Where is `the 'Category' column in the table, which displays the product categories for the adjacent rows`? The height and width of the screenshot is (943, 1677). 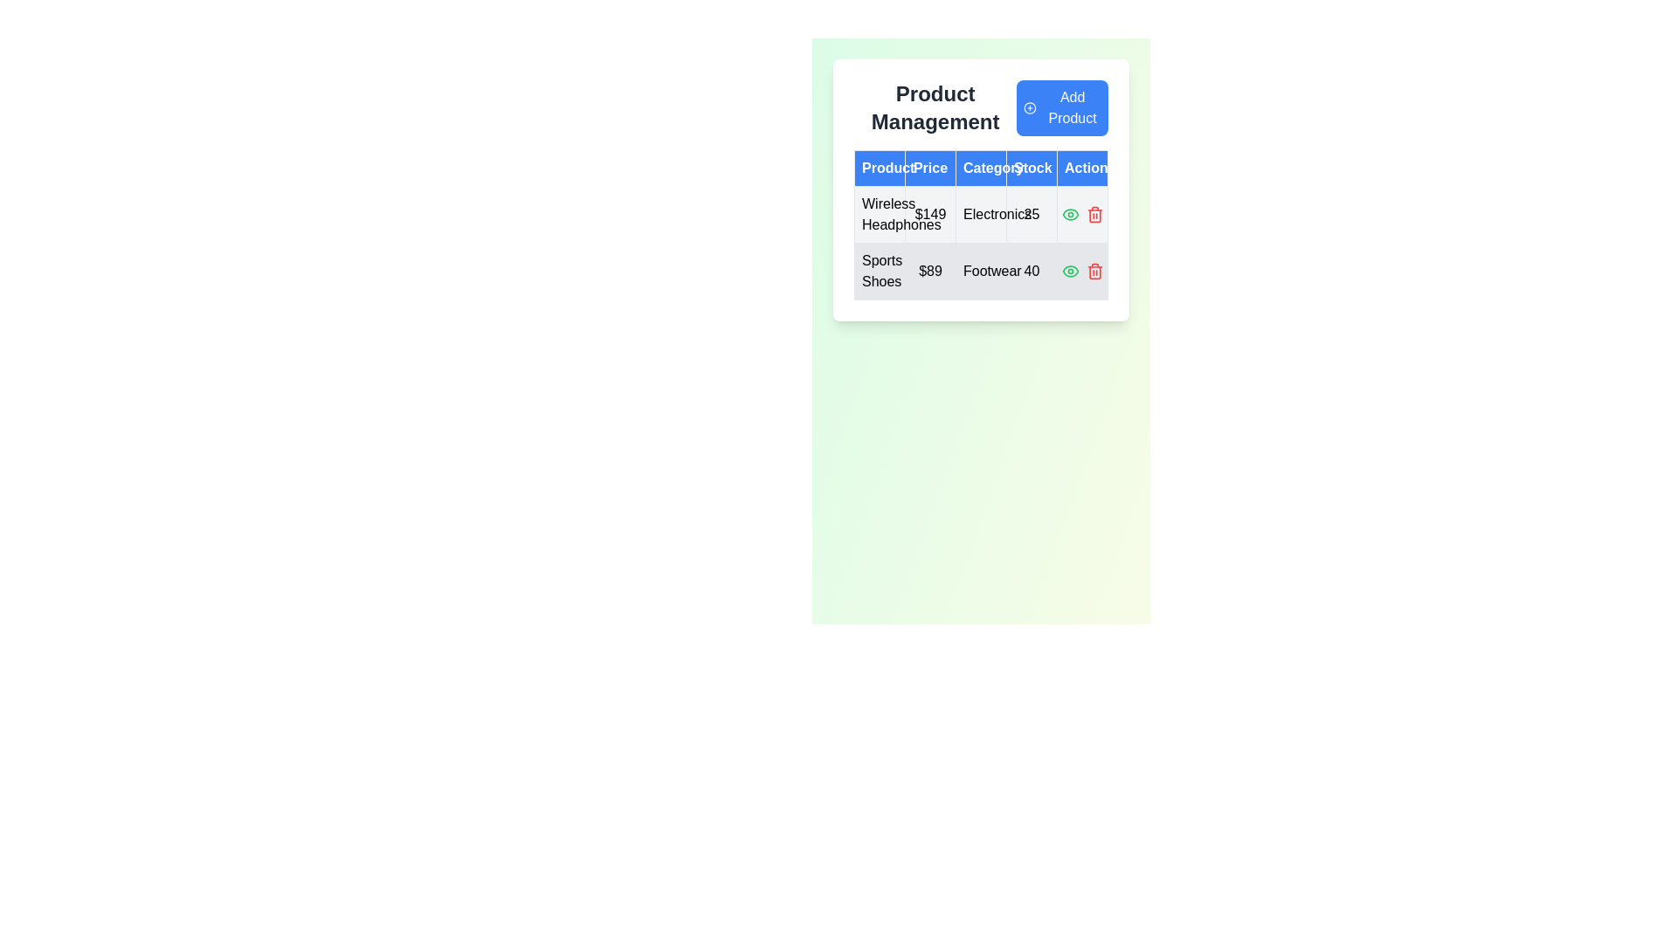 the 'Category' column in the table, which displays the product categories for the adjacent rows is located at coordinates (981, 190).